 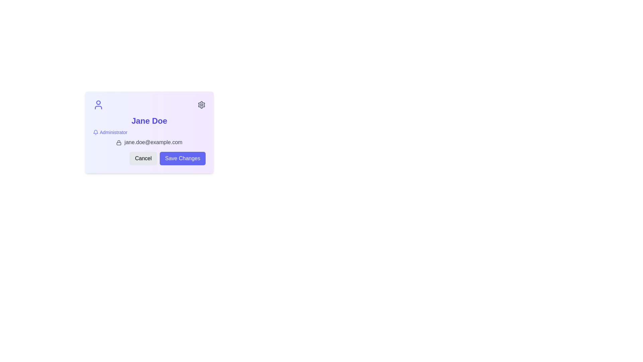 I want to click on the 'Cancel' button, which is a rectangular button with a gray background and black text located at the bottom right corner of the user information card, so click(x=149, y=159).